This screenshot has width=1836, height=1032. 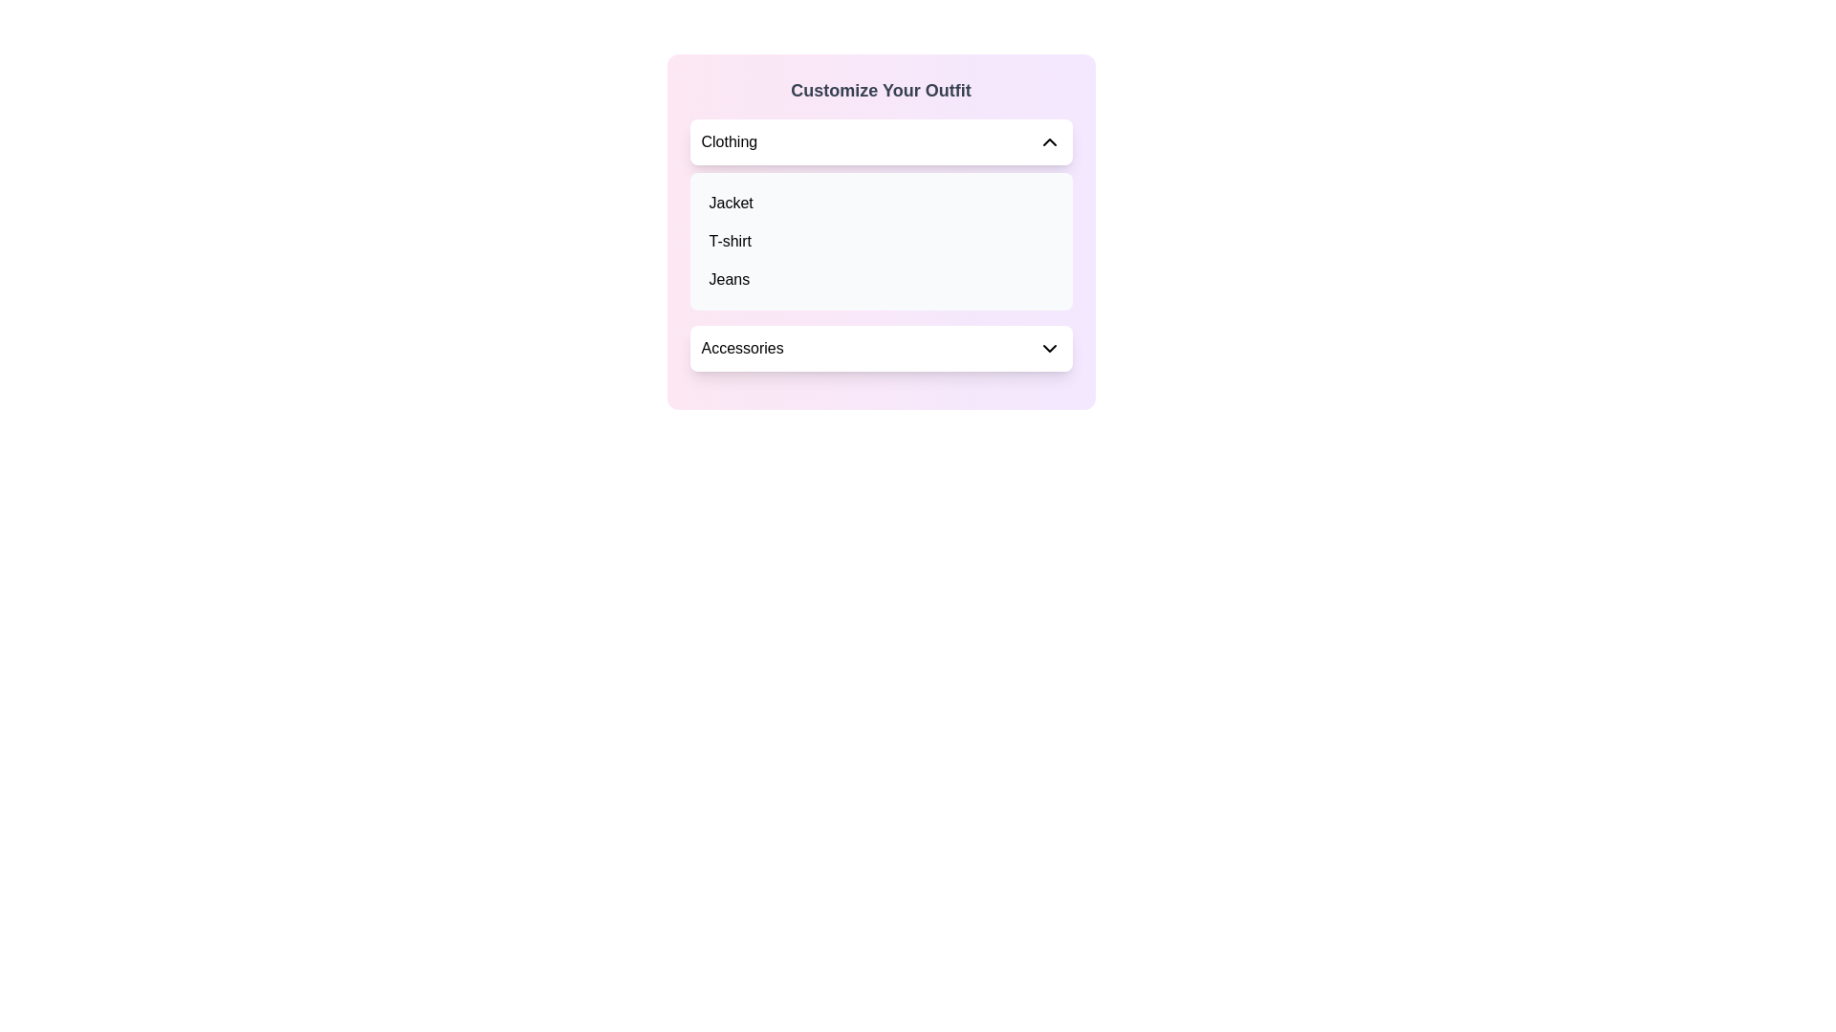 I want to click on to select the 'Jacket' item from the second item of the 'Clothing' dropdown list, so click(x=730, y=203).